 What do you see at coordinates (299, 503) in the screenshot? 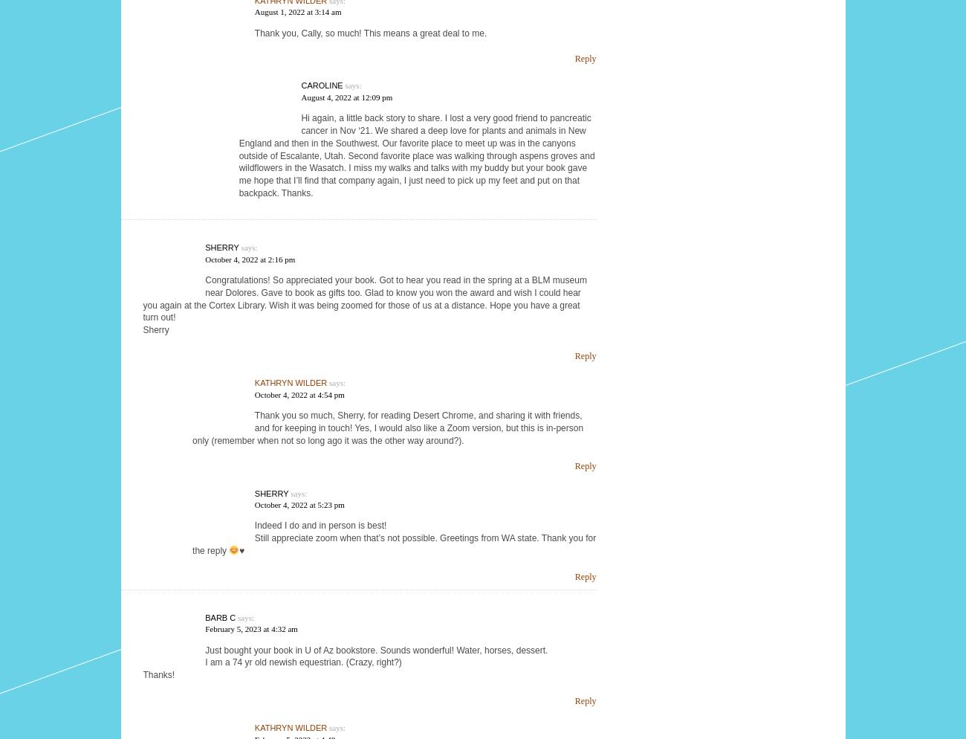
I see `'October 4, 2022 at 5:23 pm'` at bounding box center [299, 503].